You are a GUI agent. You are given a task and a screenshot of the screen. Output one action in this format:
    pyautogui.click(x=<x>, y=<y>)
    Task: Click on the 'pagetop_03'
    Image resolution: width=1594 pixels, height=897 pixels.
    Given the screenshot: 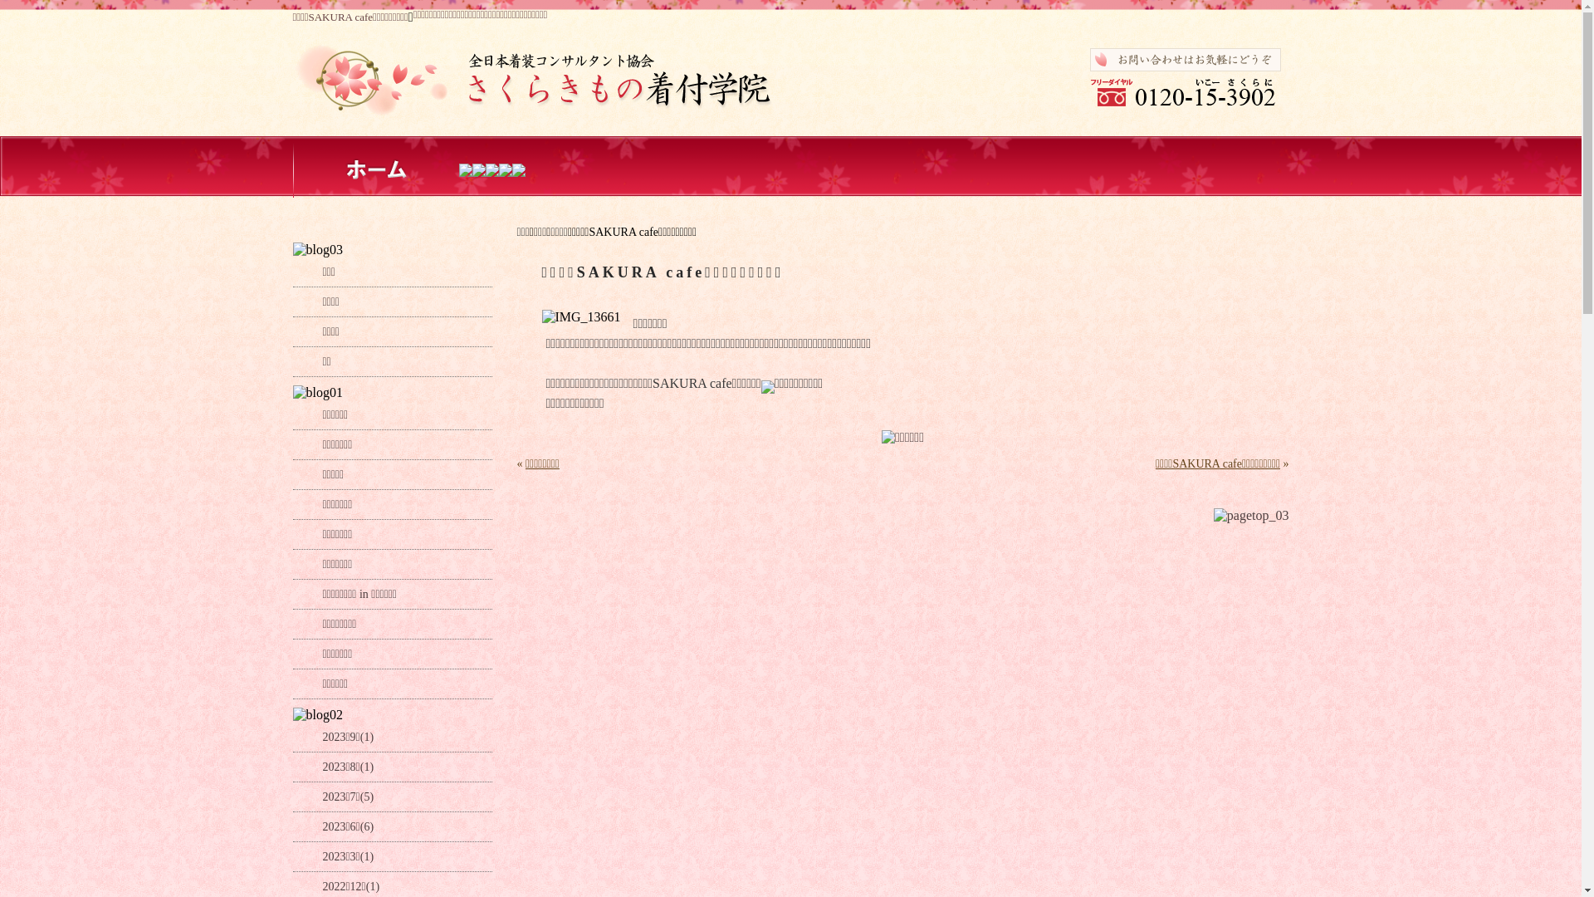 What is the action you would take?
    pyautogui.click(x=1251, y=515)
    